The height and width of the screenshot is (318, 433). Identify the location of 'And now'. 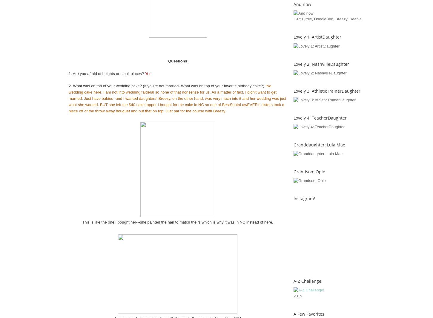
(302, 4).